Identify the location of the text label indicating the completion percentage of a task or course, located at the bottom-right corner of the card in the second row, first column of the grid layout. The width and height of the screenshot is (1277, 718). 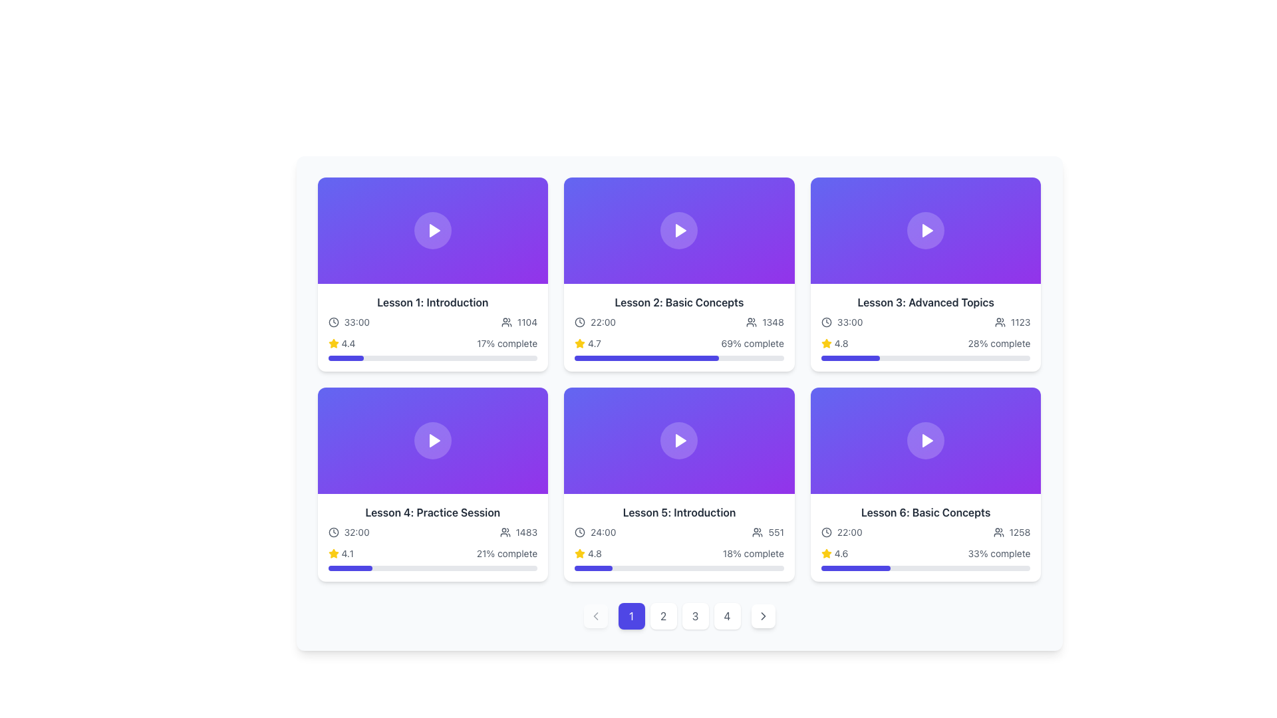
(506, 554).